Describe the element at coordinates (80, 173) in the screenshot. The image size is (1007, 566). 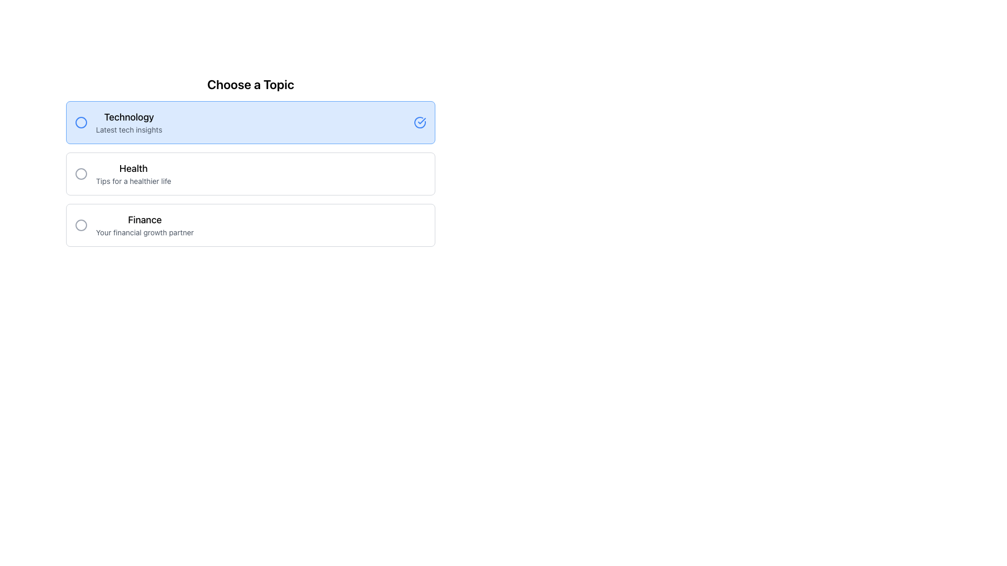
I see `the inner circular graphical indication element that represents the current selection state for the 'Health' option in the topic list` at that location.